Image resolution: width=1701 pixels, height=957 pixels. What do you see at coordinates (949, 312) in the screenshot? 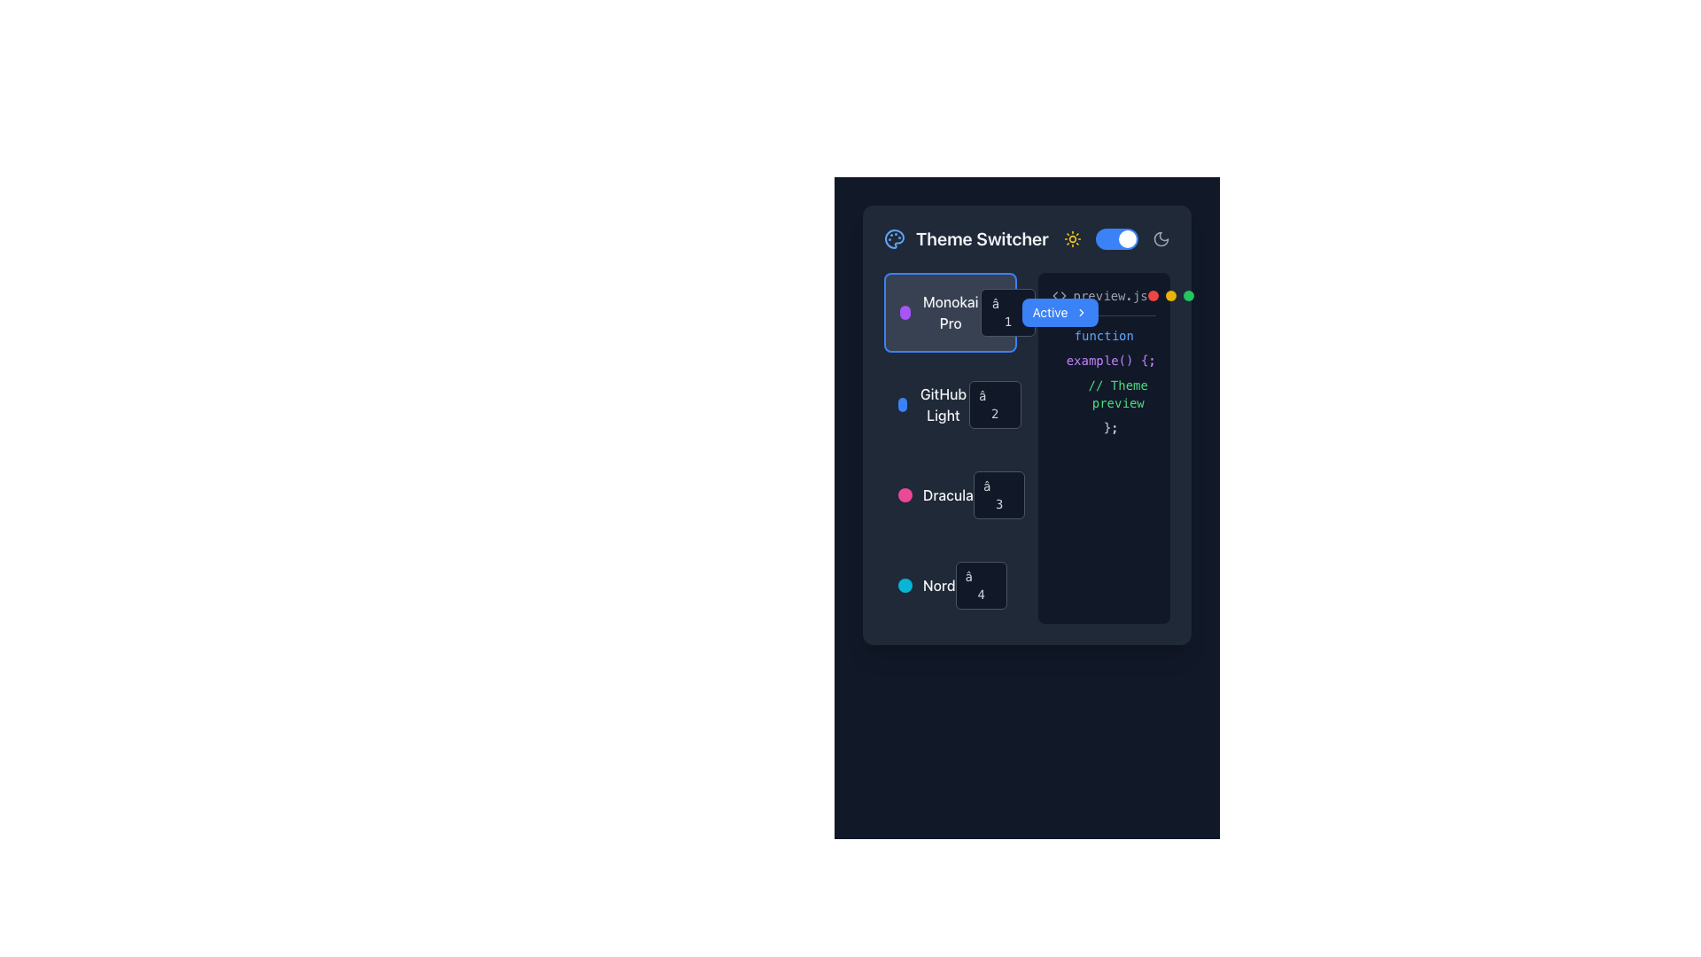
I see `the first list item displaying 'Monokai Pro' with an associated badge` at bounding box center [949, 312].